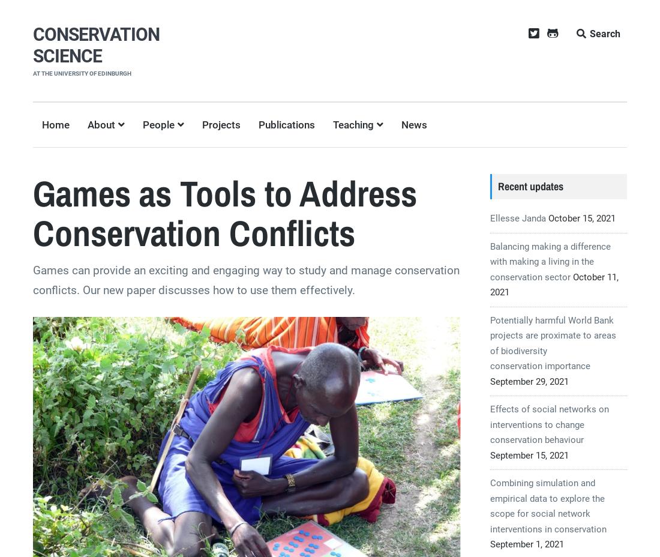  Describe the element at coordinates (490, 284) in the screenshot. I see `'October 11, 2021'` at that location.